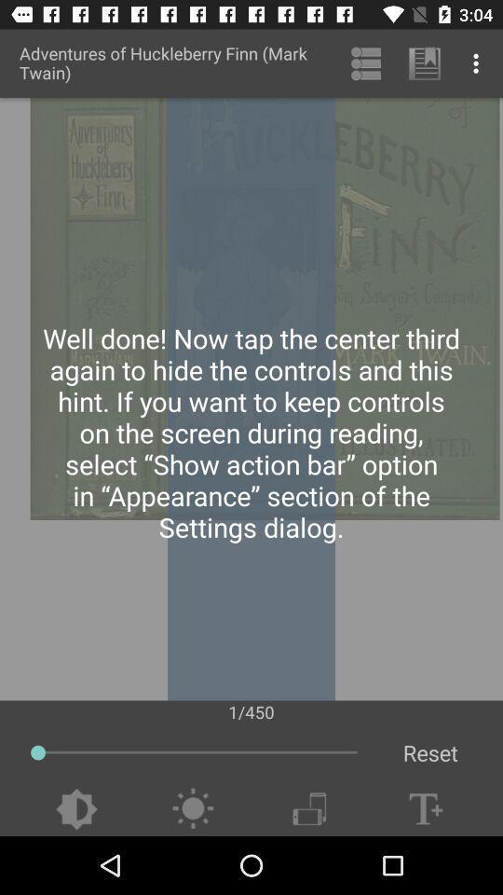  Describe the element at coordinates (192, 808) in the screenshot. I see `menu` at that location.